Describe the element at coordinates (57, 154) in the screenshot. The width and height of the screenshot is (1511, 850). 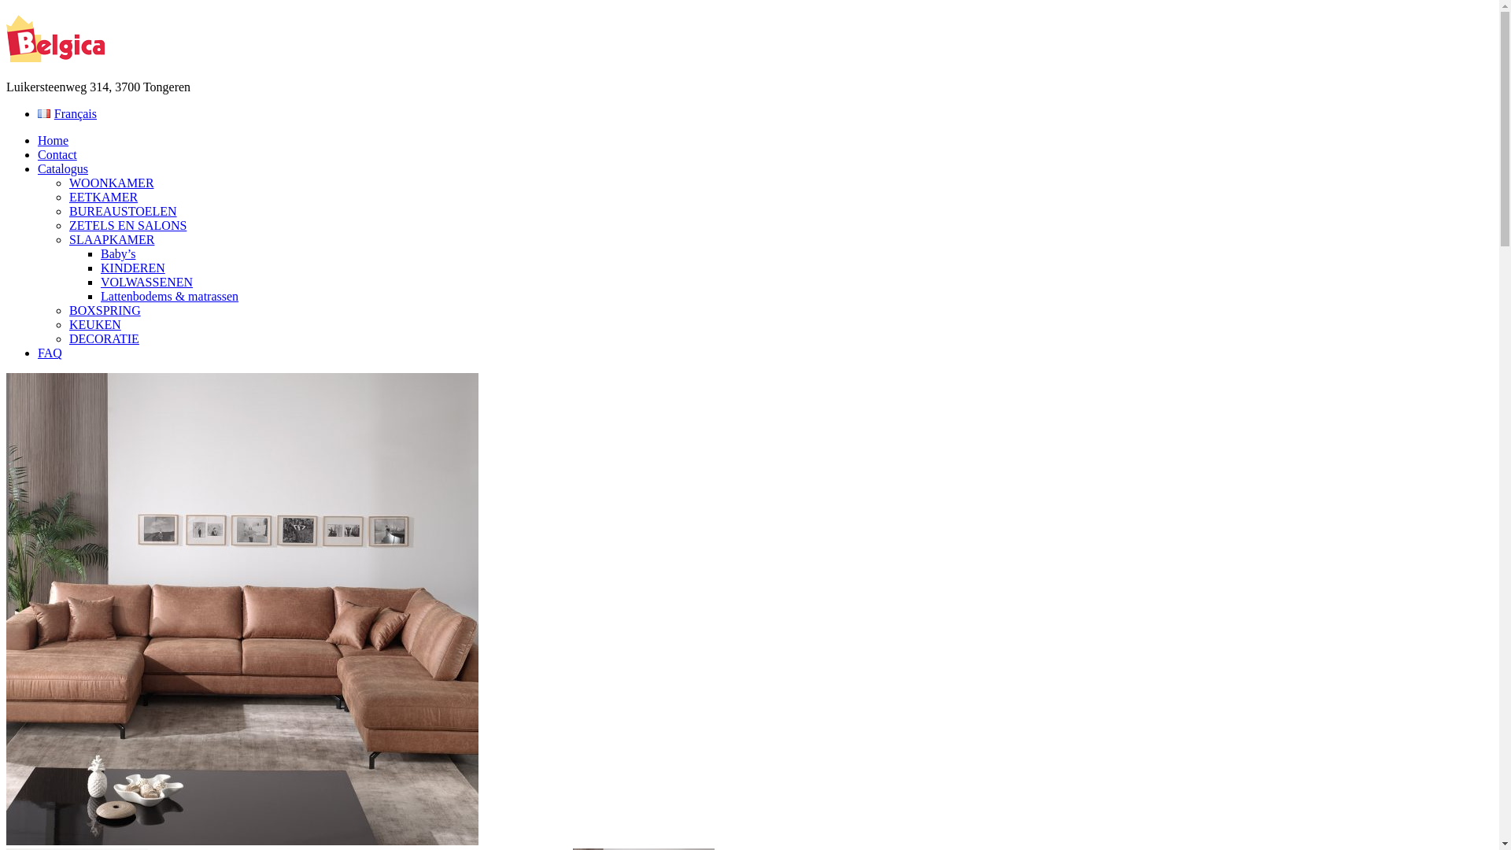
I see `'Contact'` at that location.